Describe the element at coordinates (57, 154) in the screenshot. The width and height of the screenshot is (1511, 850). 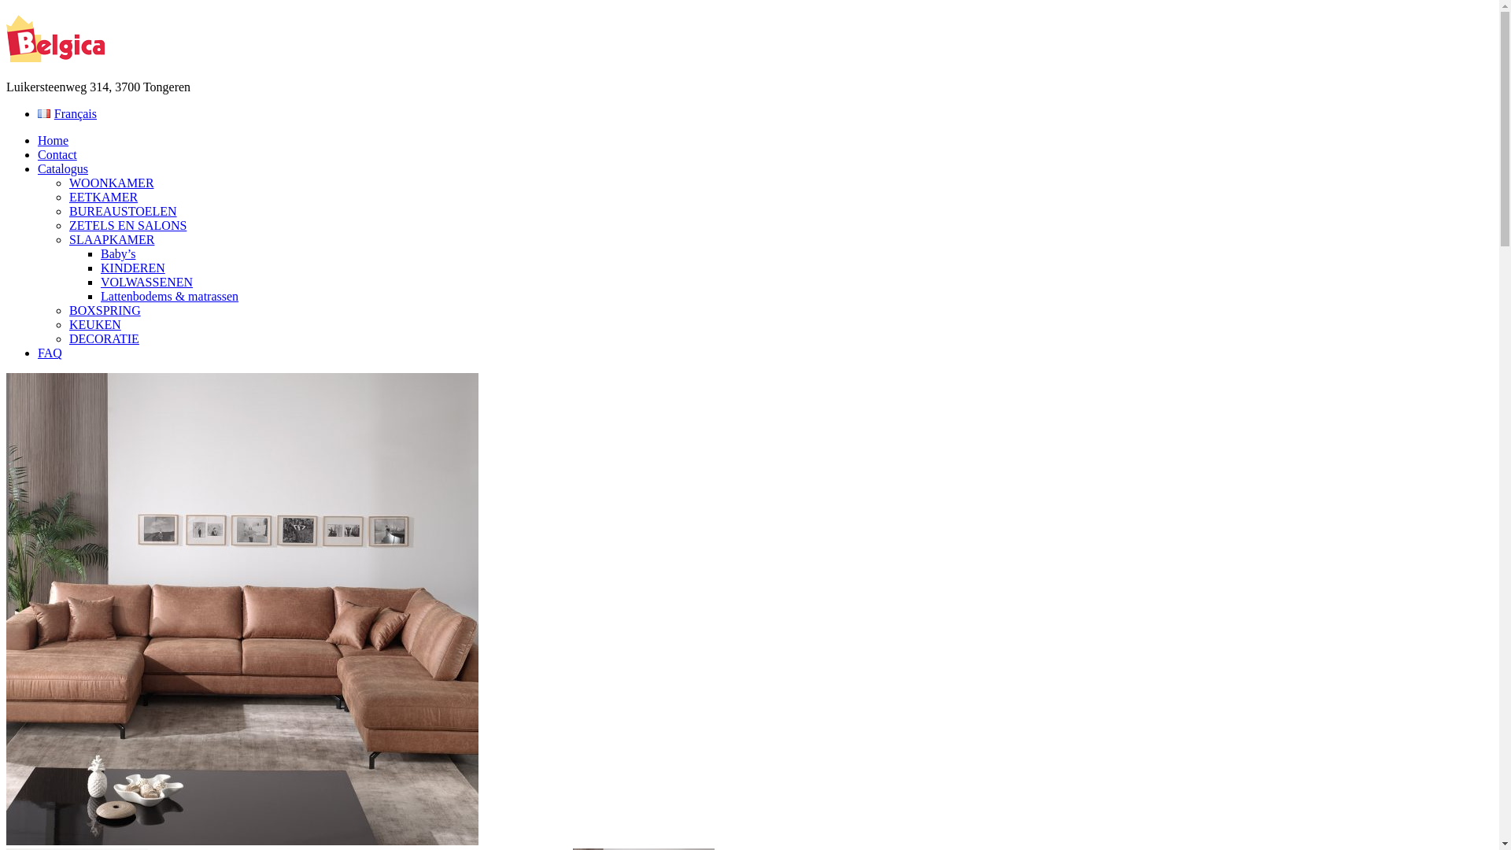
I see `'Contact'` at that location.